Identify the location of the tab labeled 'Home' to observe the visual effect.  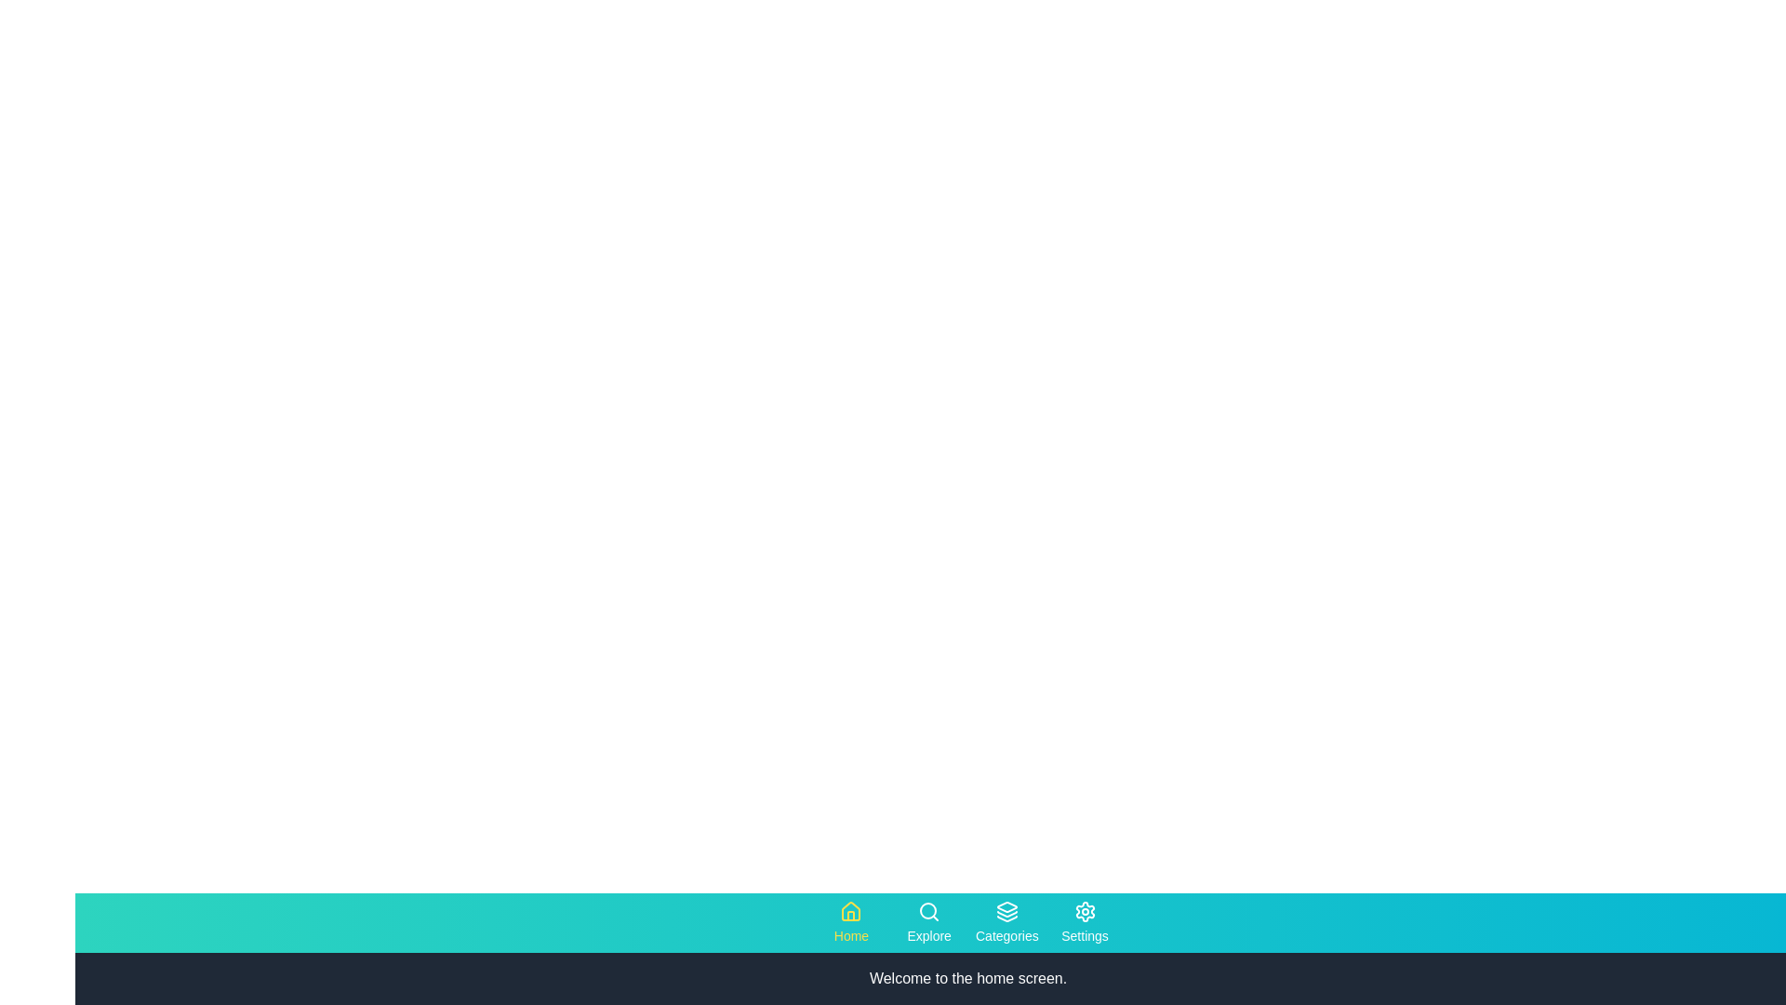
(850, 922).